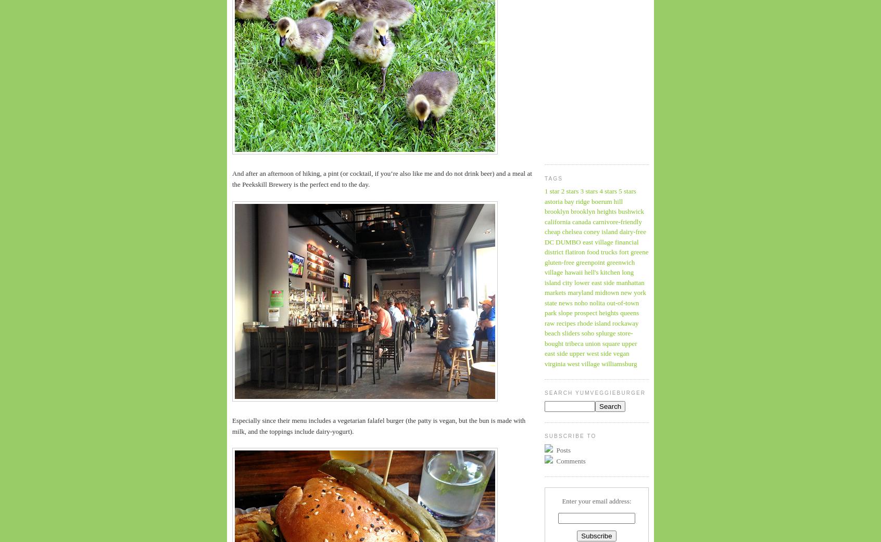 This screenshot has height=542, width=881. I want to click on 'noho', so click(581, 302).